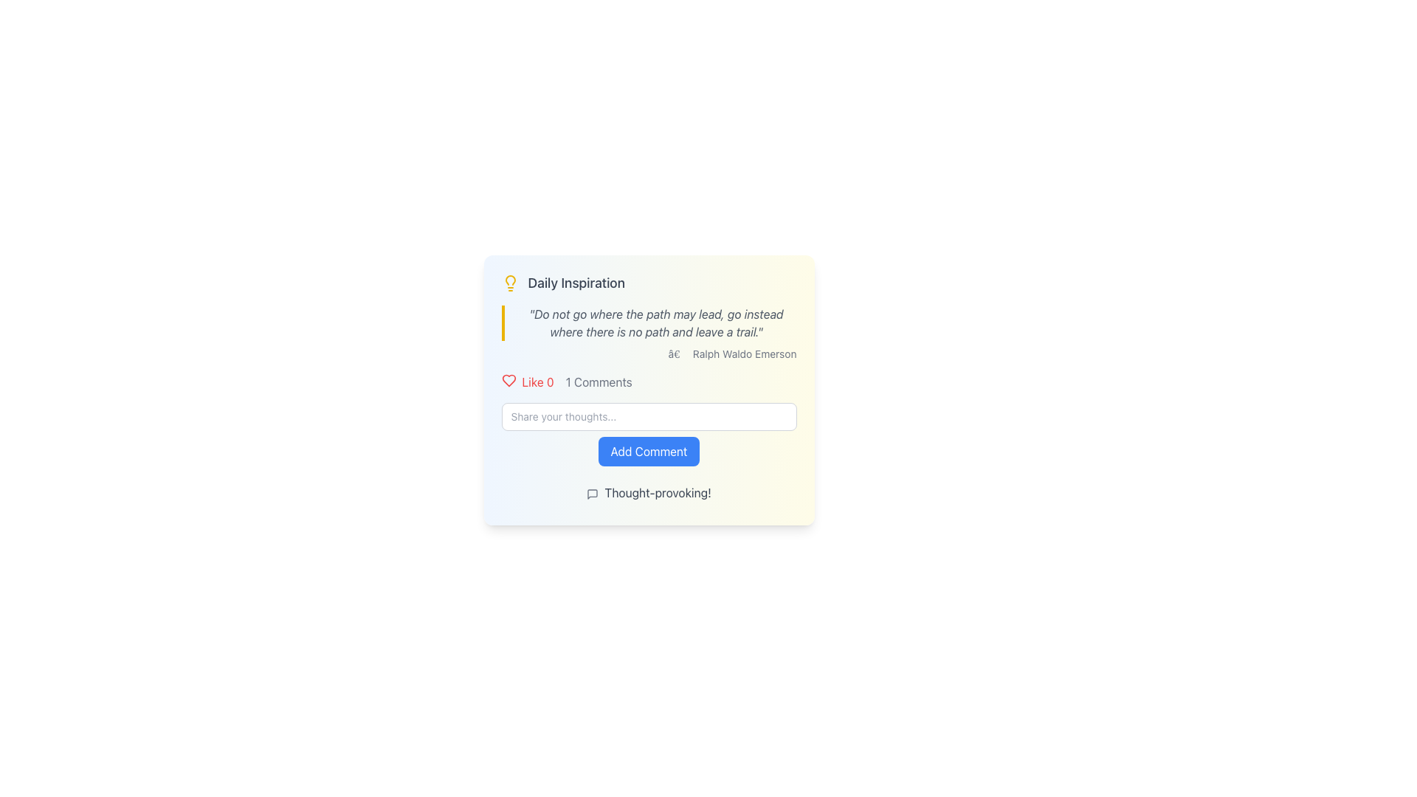 Image resolution: width=1417 pixels, height=797 pixels. What do you see at coordinates (649, 451) in the screenshot?
I see `the 'Add Comment' button with a blue background and white text` at bounding box center [649, 451].